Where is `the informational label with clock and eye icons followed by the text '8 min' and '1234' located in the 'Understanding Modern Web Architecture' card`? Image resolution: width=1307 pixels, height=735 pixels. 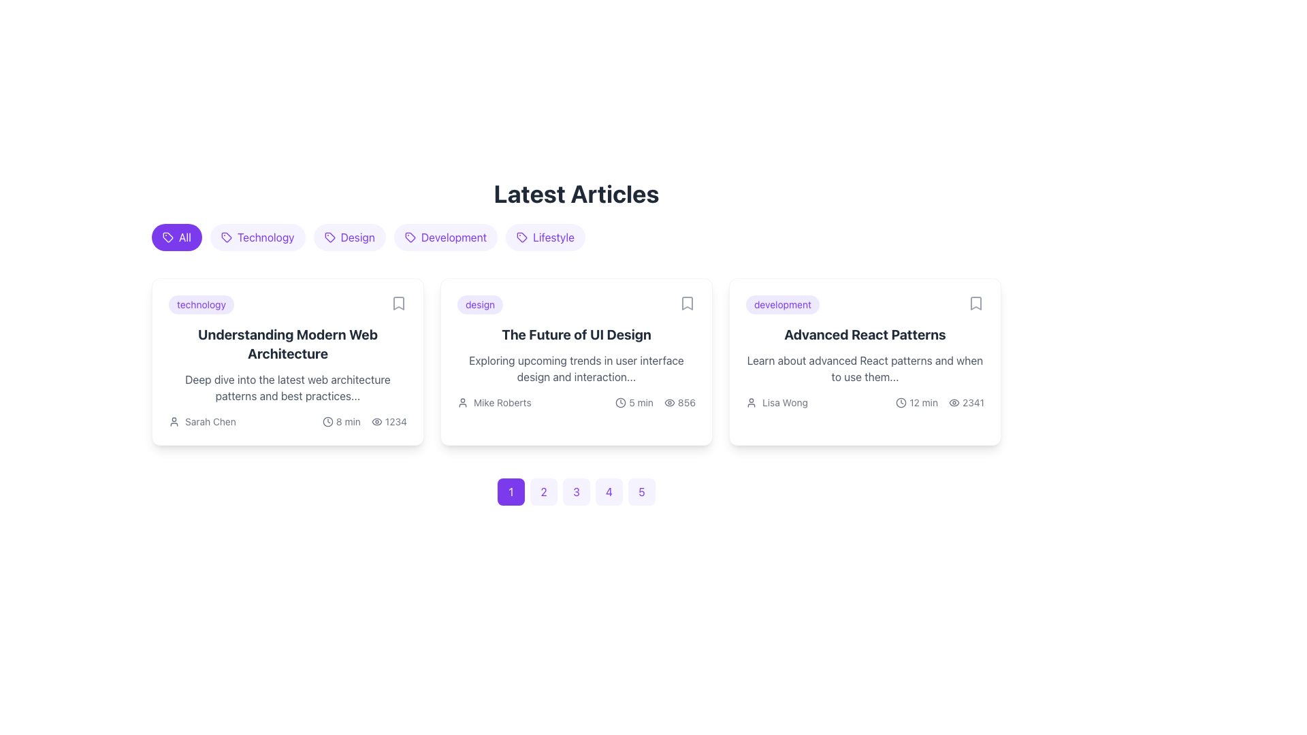 the informational label with clock and eye icons followed by the text '8 min' and '1234' located in the 'Understanding Modern Web Architecture' card is located at coordinates (364, 421).